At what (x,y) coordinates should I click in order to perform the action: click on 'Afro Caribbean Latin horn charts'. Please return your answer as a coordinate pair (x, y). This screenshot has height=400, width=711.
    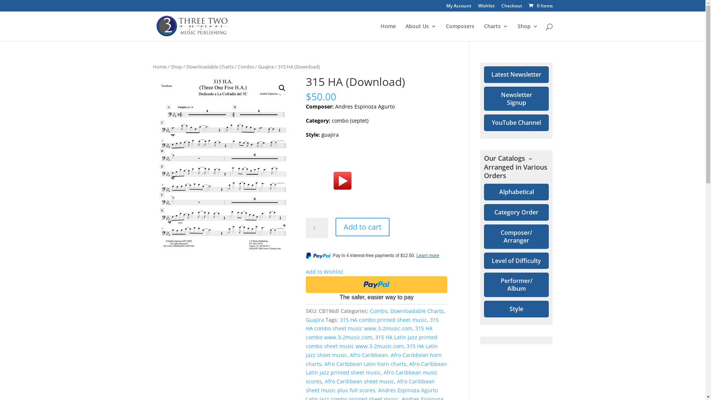
    Looking at the image, I should click on (365, 363).